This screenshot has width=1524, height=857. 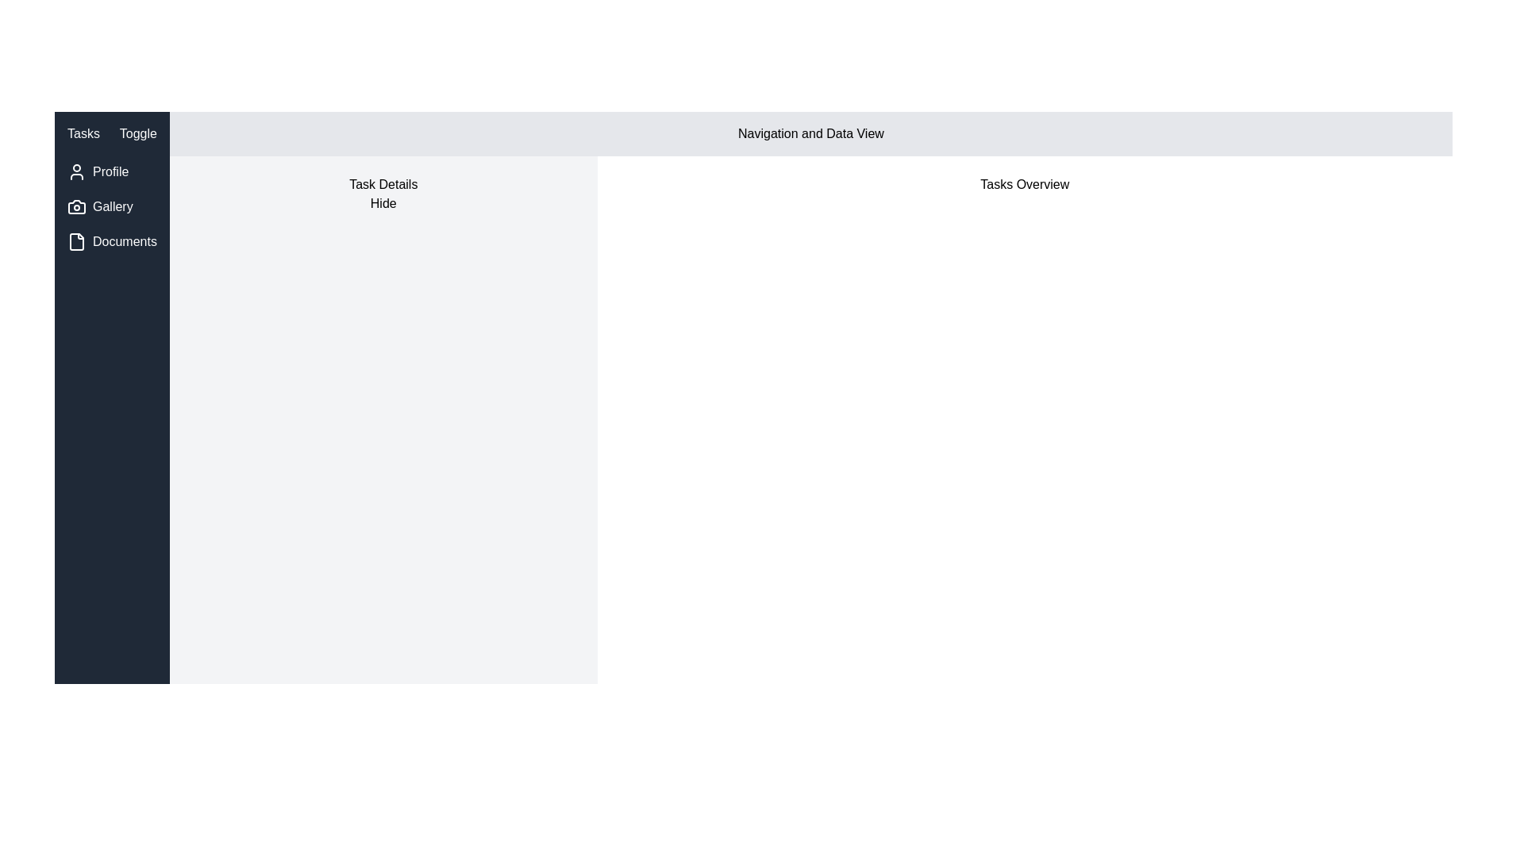 What do you see at coordinates (383, 183) in the screenshot?
I see `the Text label located at the top area of the main panel, which serves as a header for the section below and is positioned just above the 'Hide' button` at bounding box center [383, 183].